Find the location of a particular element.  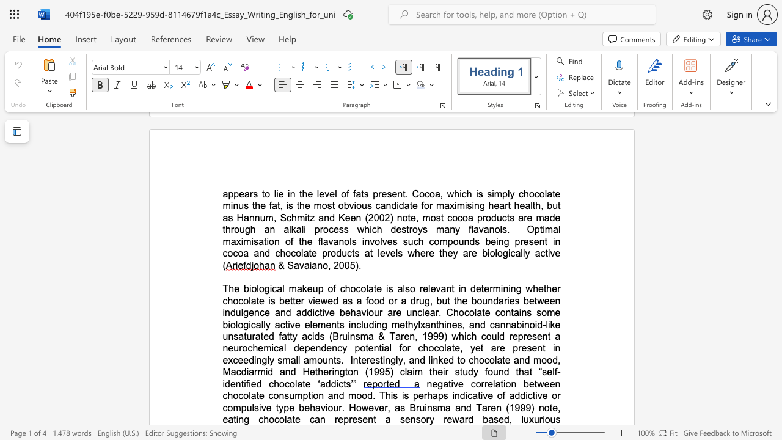

the subset text "ompulsive type behaviour." within the text "of addictive or compulsive type behaviour. However, as Bruinsma and Taren (1999) note, eating chocolate can" is located at coordinates (227, 408).